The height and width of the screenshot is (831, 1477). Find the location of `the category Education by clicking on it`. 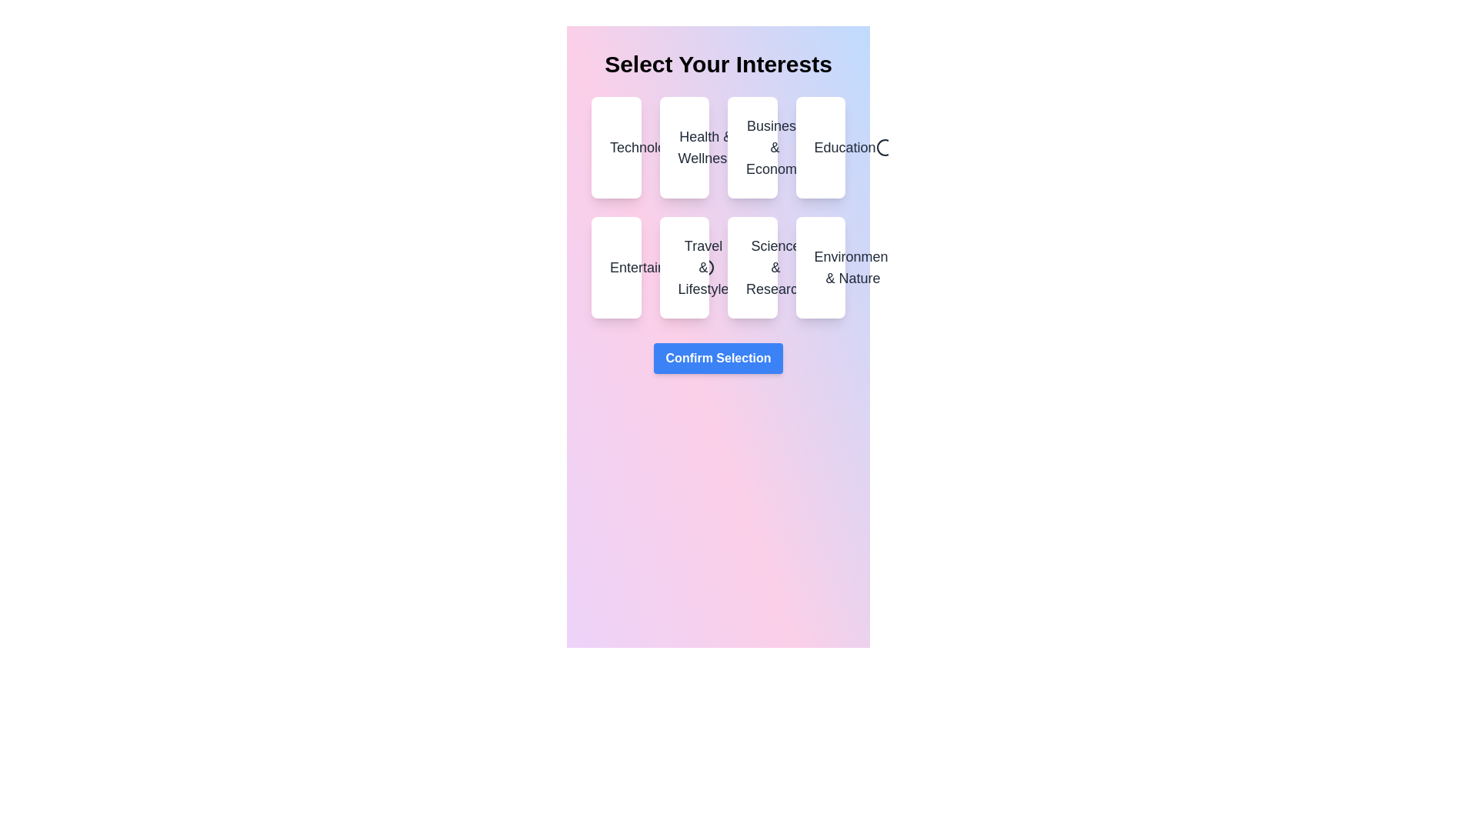

the category Education by clicking on it is located at coordinates (819, 148).